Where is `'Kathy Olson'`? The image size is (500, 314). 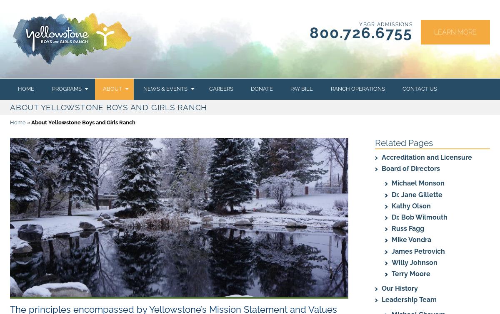 'Kathy Olson' is located at coordinates (411, 205).